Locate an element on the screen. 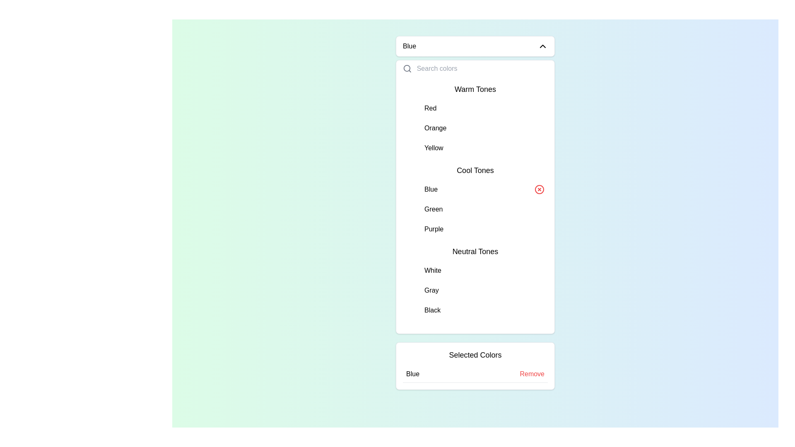 The width and height of the screenshot is (795, 447). the currently selected color display text located in the top section of the dropdown menu, directly to the left of the dropdown chevron is located at coordinates (409, 46).